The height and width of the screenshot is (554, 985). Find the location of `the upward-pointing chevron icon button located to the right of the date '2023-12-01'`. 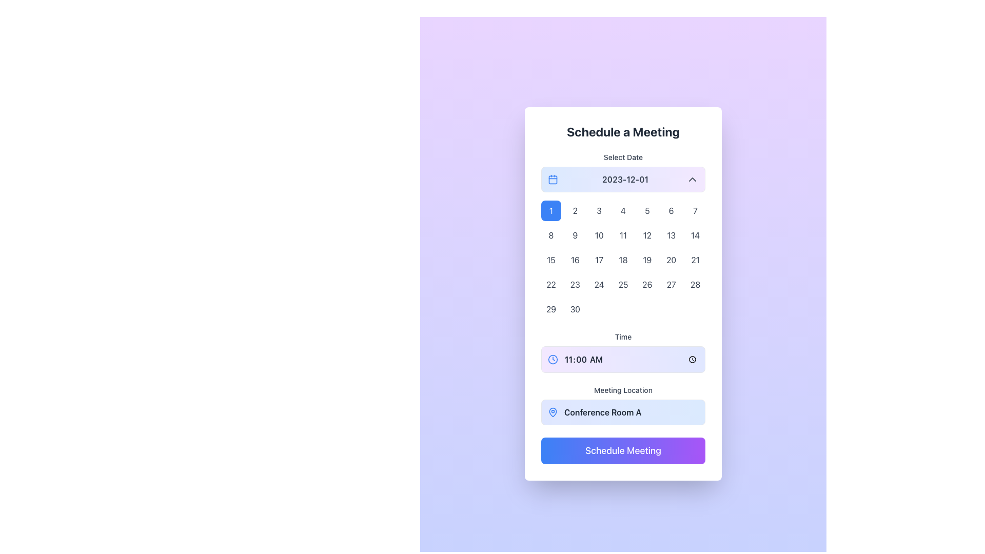

the upward-pointing chevron icon button located to the right of the date '2023-12-01' is located at coordinates (692, 179).